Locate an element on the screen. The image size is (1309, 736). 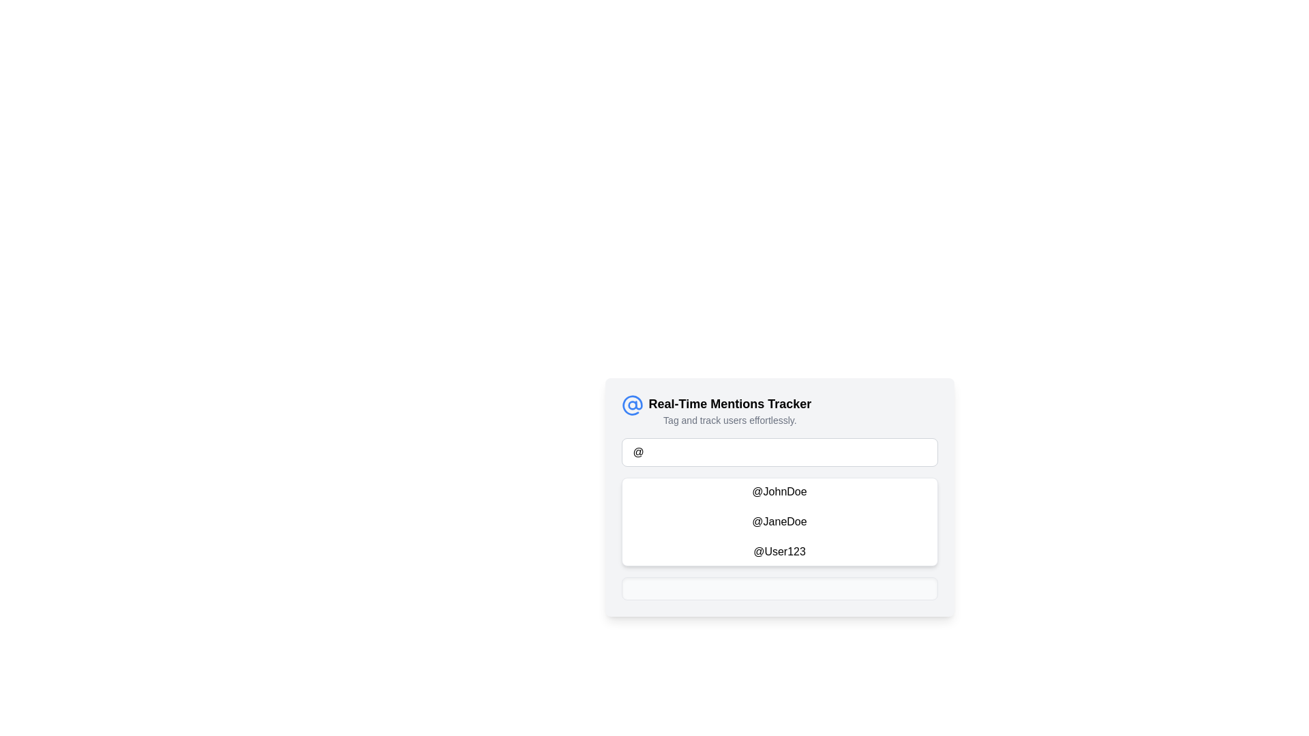
the second username suggestion item '@JaneDoe' is located at coordinates (779, 521).